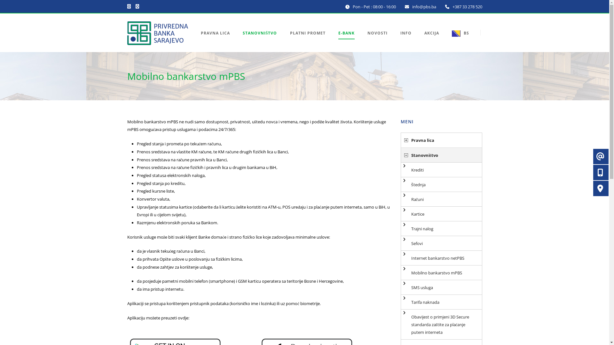 The image size is (614, 345). What do you see at coordinates (441, 140) in the screenshot?
I see `'Pravna lica'` at bounding box center [441, 140].